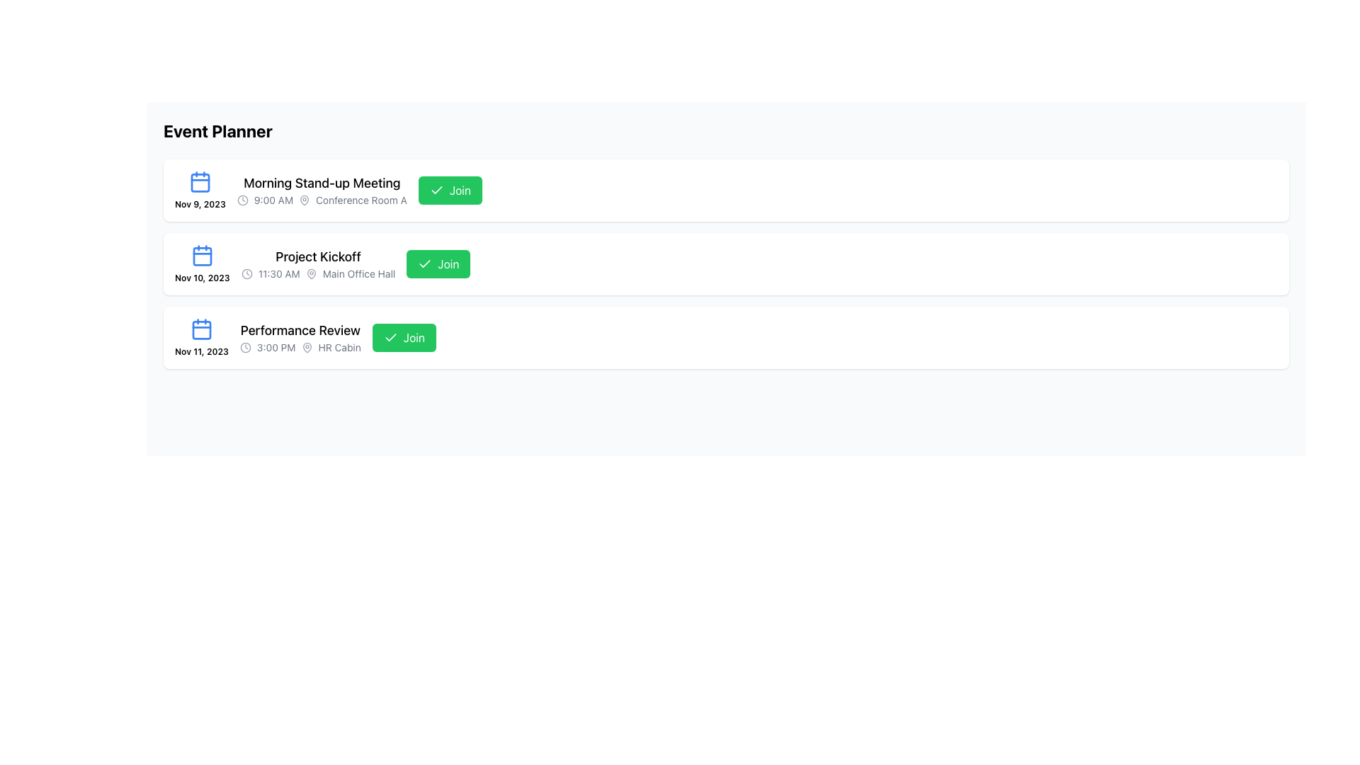  What do you see at coordinates (317, 264) in the screenshot?
I see `text content of the 'Project Kickoff' Text Label with Contextual Icons, which includes the title, time, and location` at bounding box center [317, 264].